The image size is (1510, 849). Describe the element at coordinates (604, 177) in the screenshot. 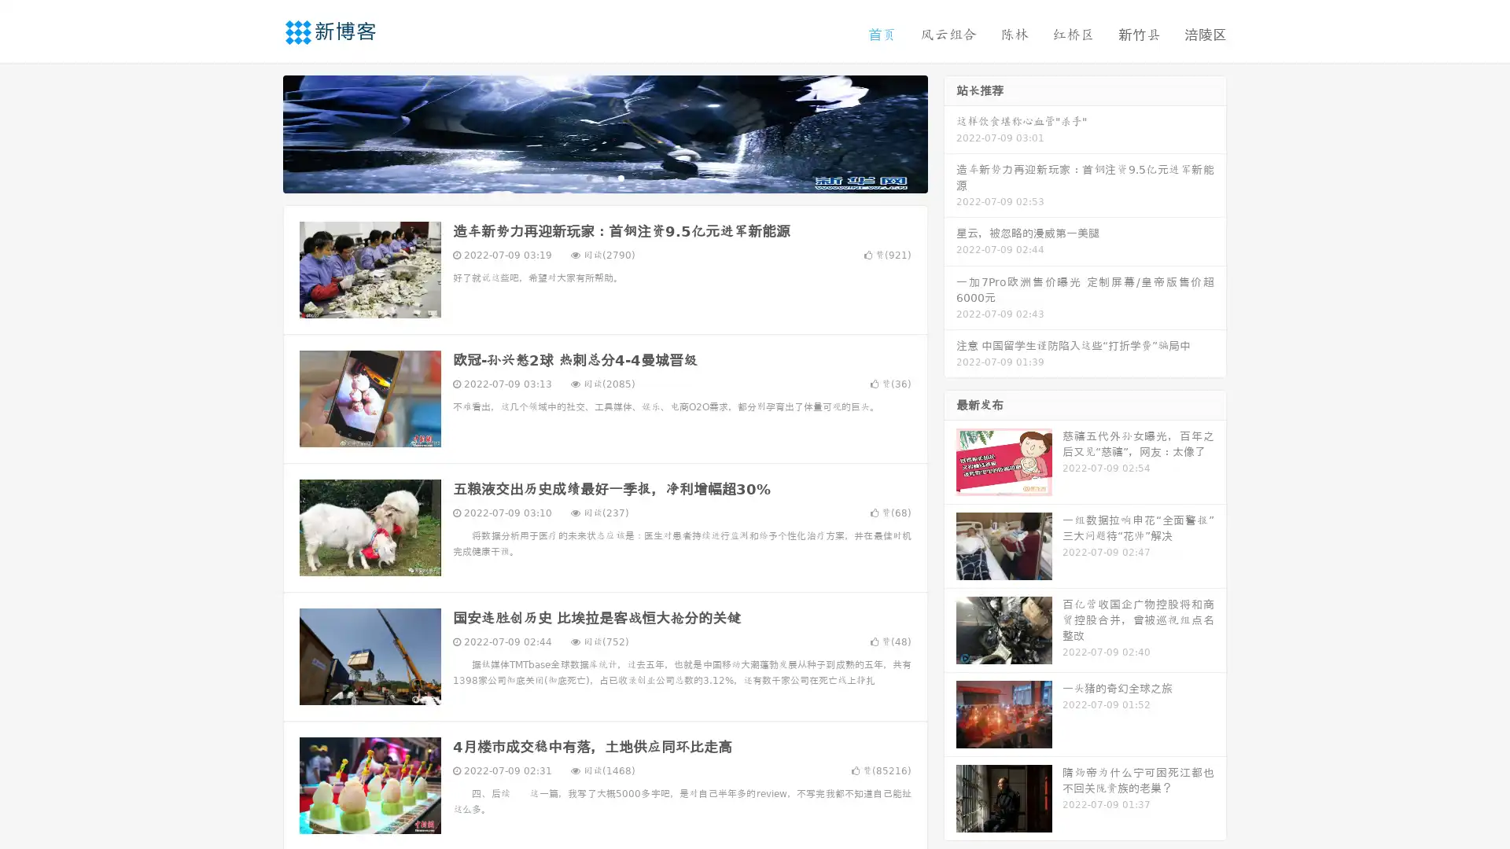

I see `Go to slide 2` at that location.